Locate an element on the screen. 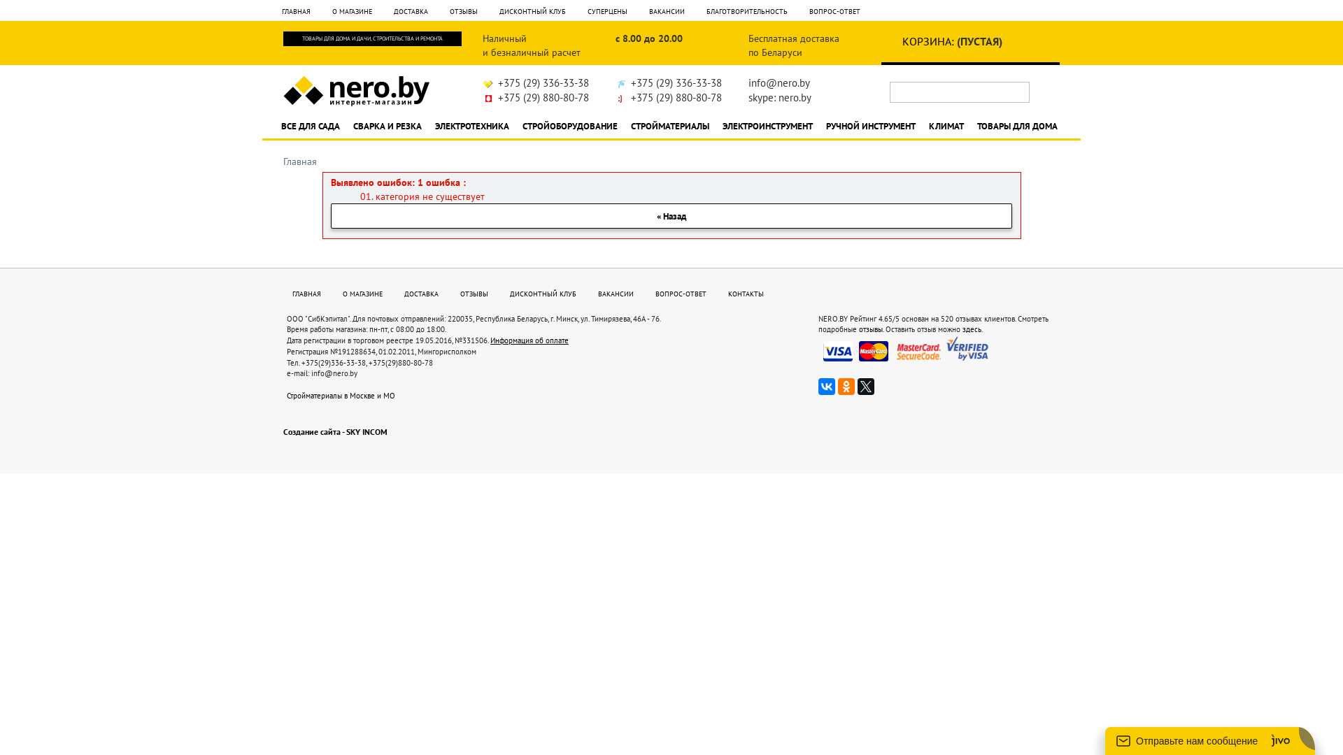 This screenshot has width=1343, height=755. 'Twitter' is located at coordinates (865, 386).